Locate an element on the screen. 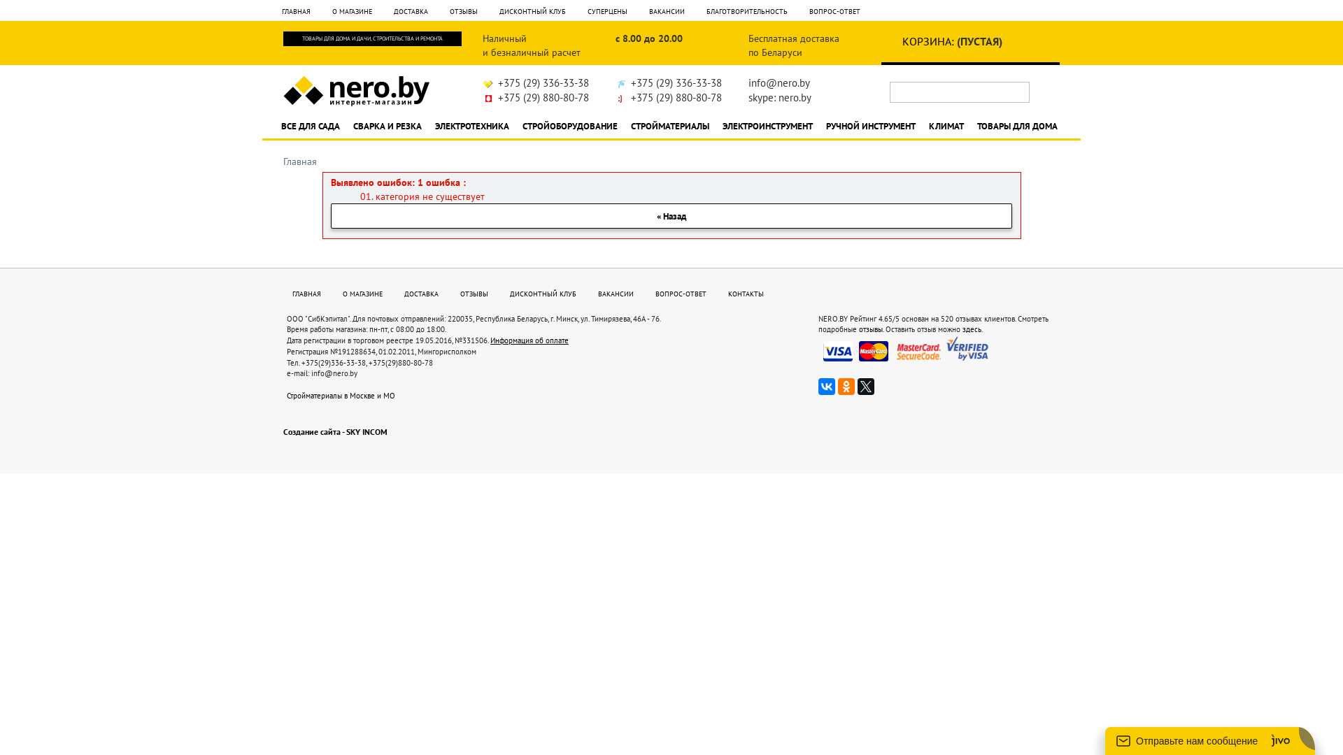 This screenshot has width=1343, height=755. 'Twitter' is located at coordinates (865, 386).